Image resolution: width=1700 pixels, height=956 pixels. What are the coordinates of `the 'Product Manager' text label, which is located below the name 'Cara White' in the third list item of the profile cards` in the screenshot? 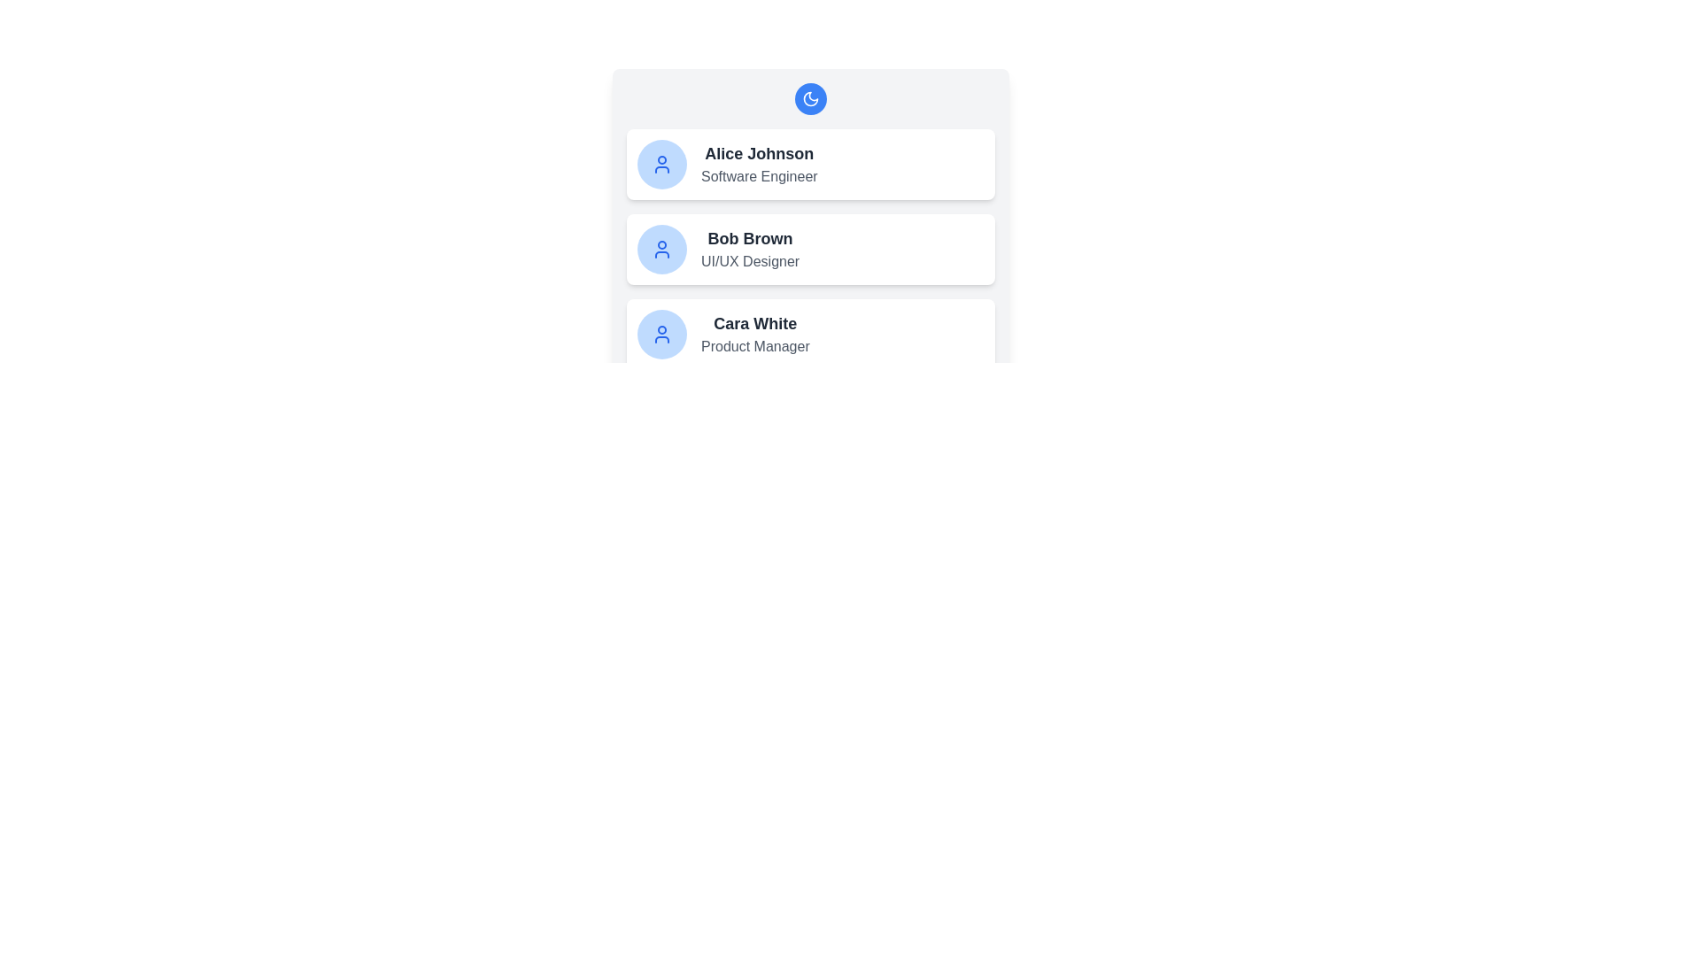 It's located at (755, 347).